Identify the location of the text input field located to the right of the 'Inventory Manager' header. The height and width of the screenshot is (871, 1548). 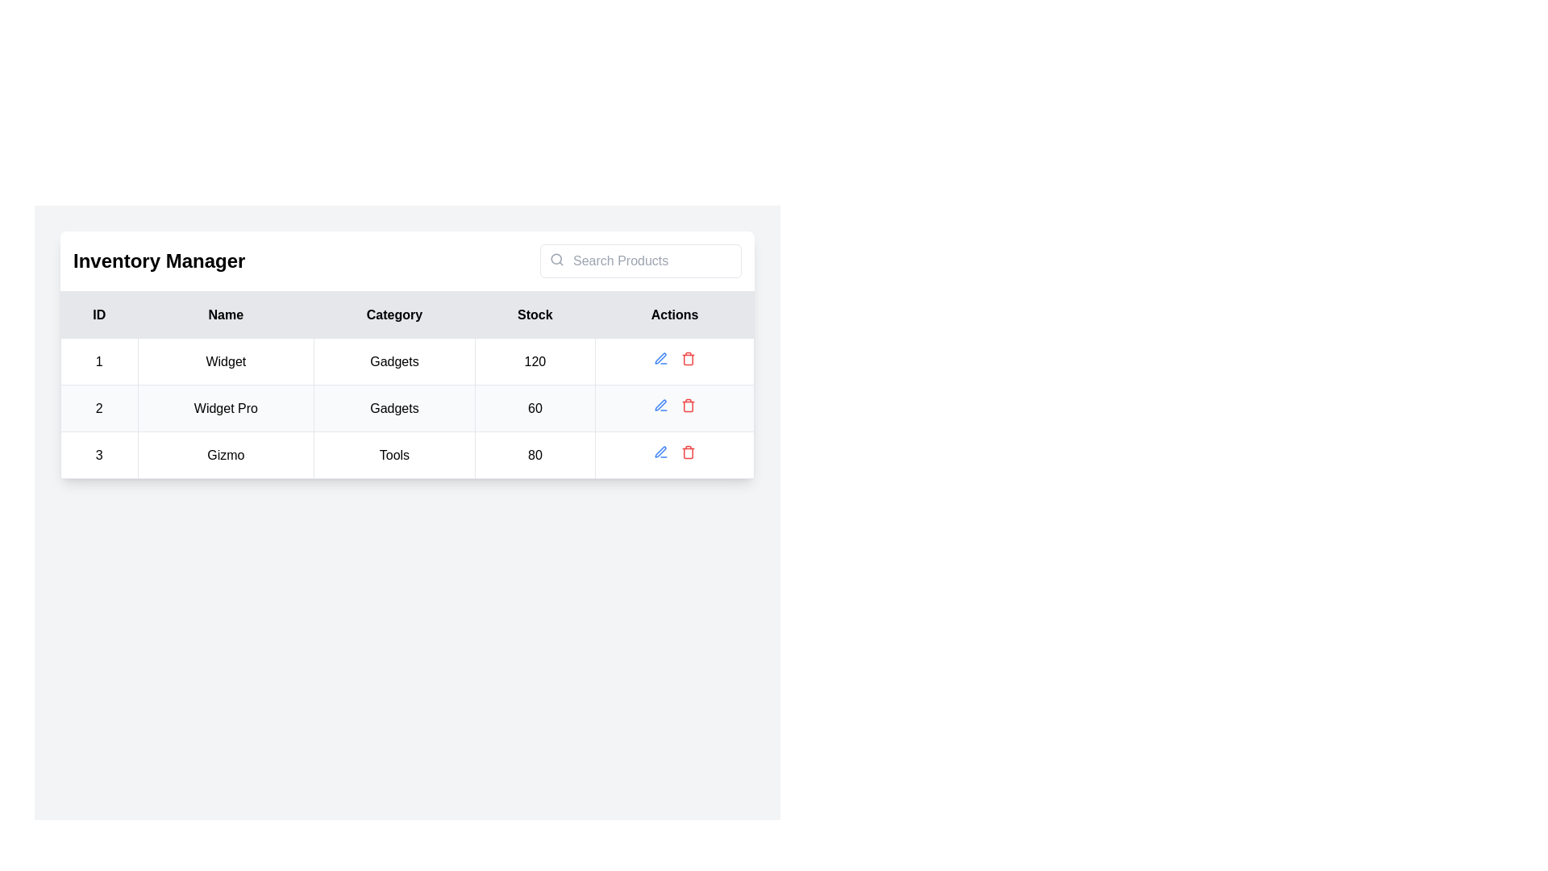
(640, 260).